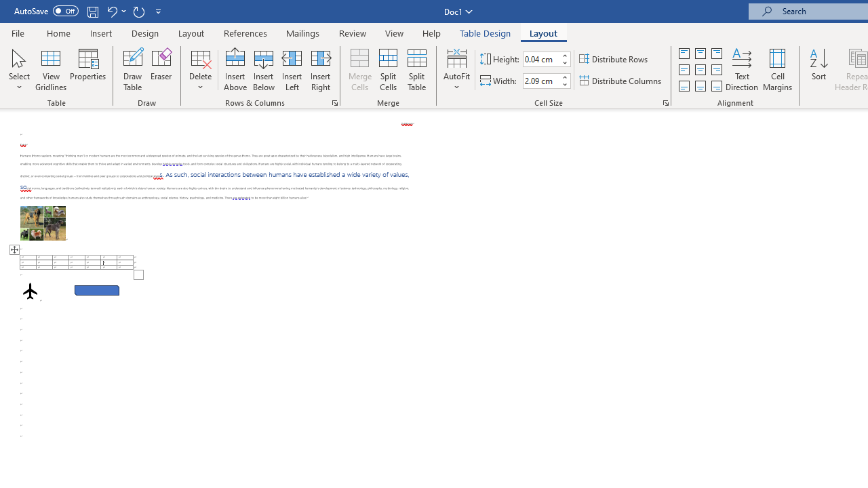 The width and height of the screenshot is (868, 488). Describe the element at coordinates (486, 33) in the screenshot. I see `'Table Design'` at that location.